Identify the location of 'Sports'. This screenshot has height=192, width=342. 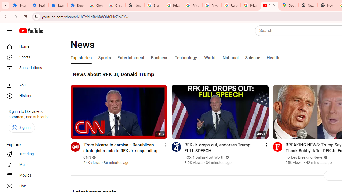
(104, 58).